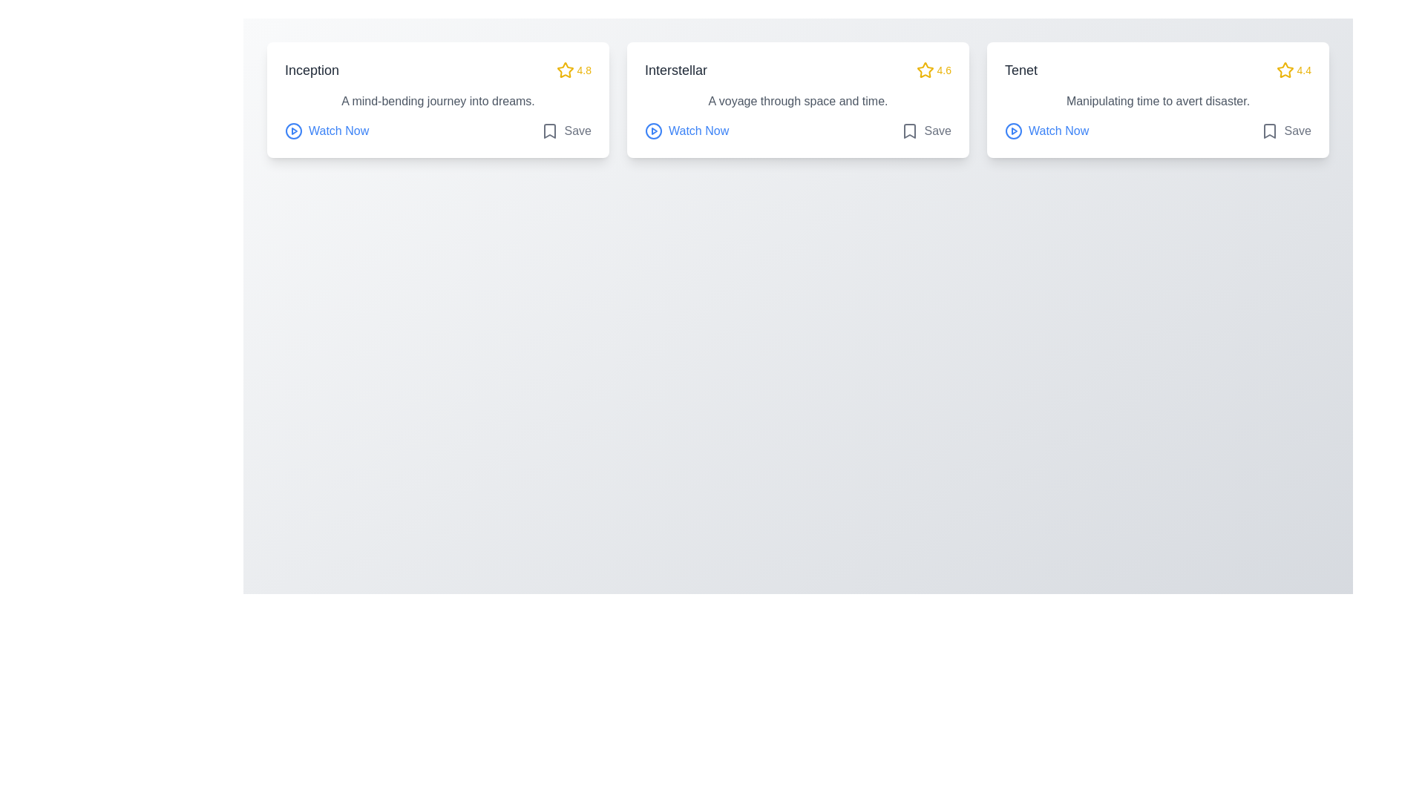 This screenshot has width=1425, height=801. What do you see at coordinates (564, 70) in the screenshot?
I see `the star icon with a yellow outline located in the top-right corner of the card for the movie 'Inception', which is associated with the numeric rating '4.8'` at bounding box center [564, 70].